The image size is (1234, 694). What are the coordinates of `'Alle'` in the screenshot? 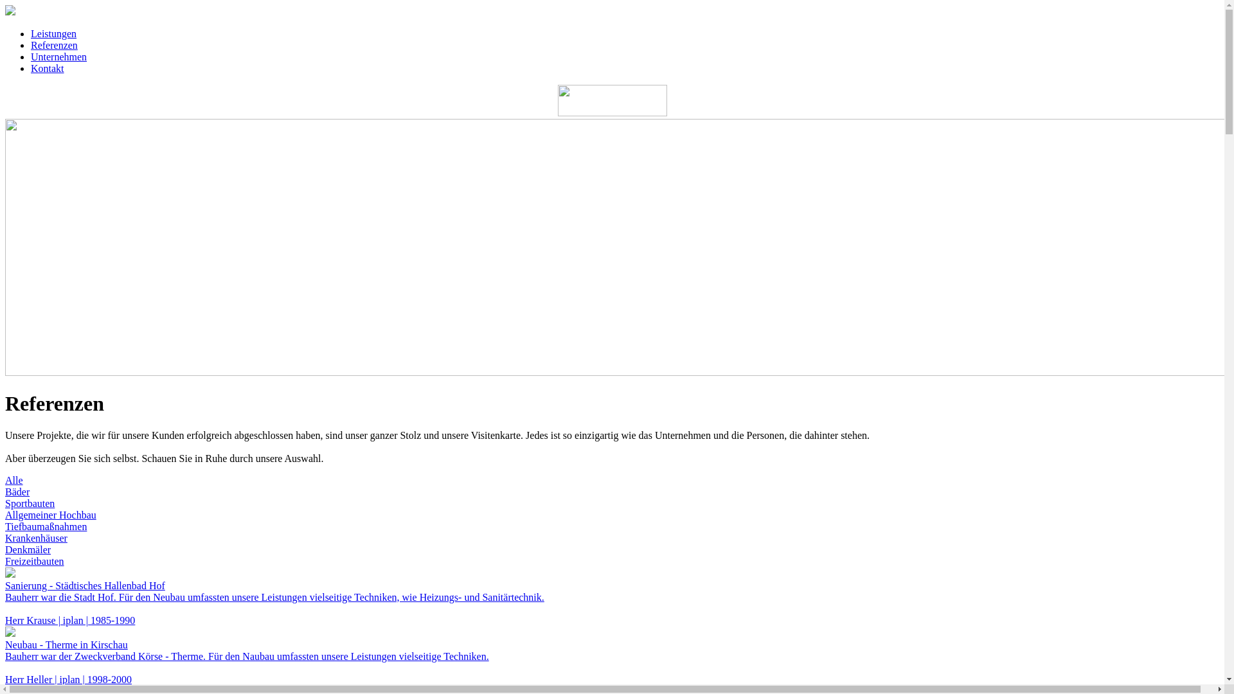 It's located at (5, 480).